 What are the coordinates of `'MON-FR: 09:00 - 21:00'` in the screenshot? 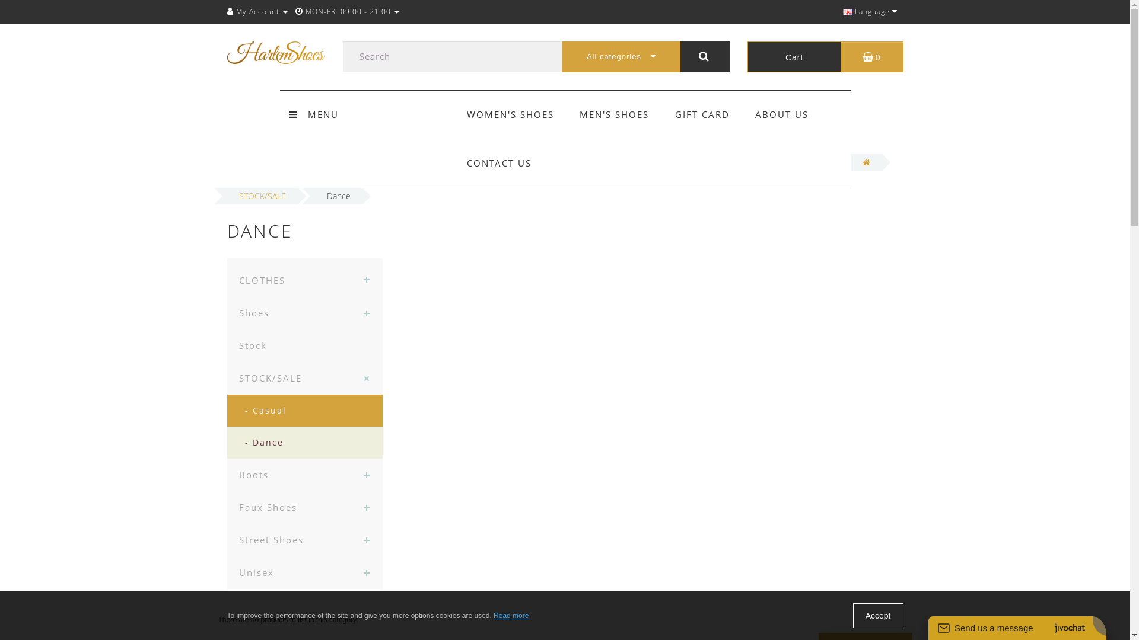 It's located at (295, 11).